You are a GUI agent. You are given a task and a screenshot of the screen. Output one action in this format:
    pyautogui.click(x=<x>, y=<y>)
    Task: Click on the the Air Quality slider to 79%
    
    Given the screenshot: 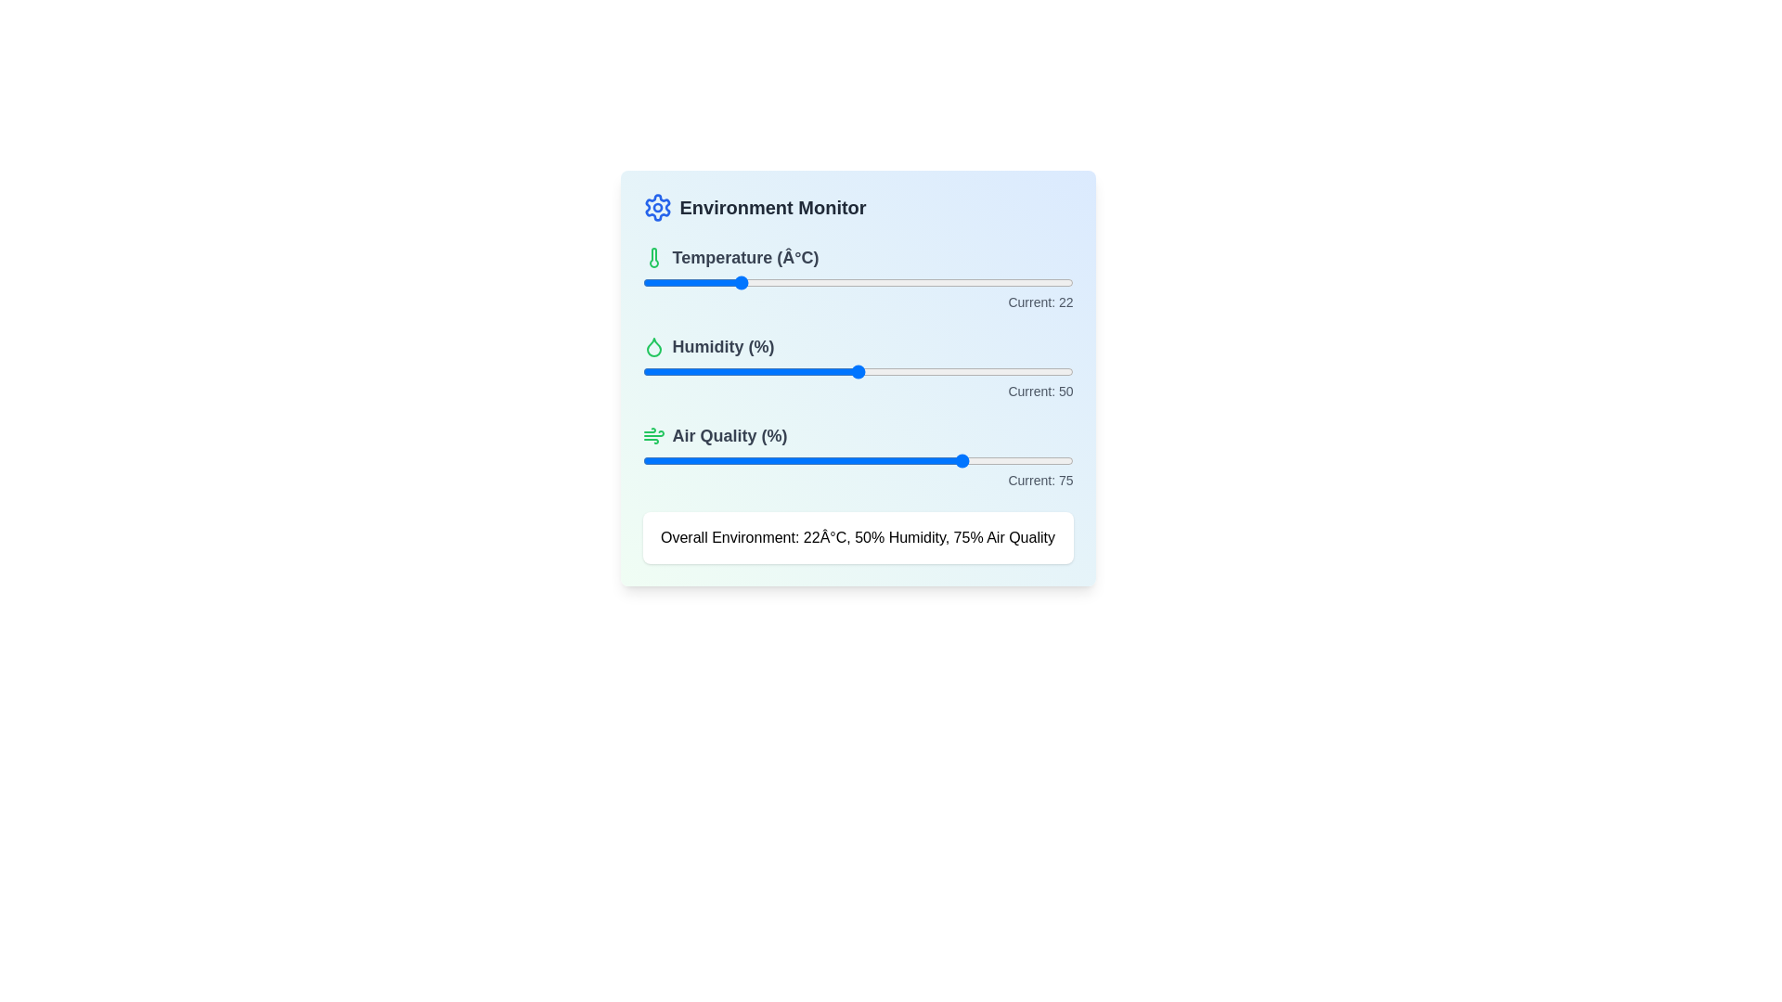 What is the action you would take?
    pyautogui.click(x=982, y=460)
    